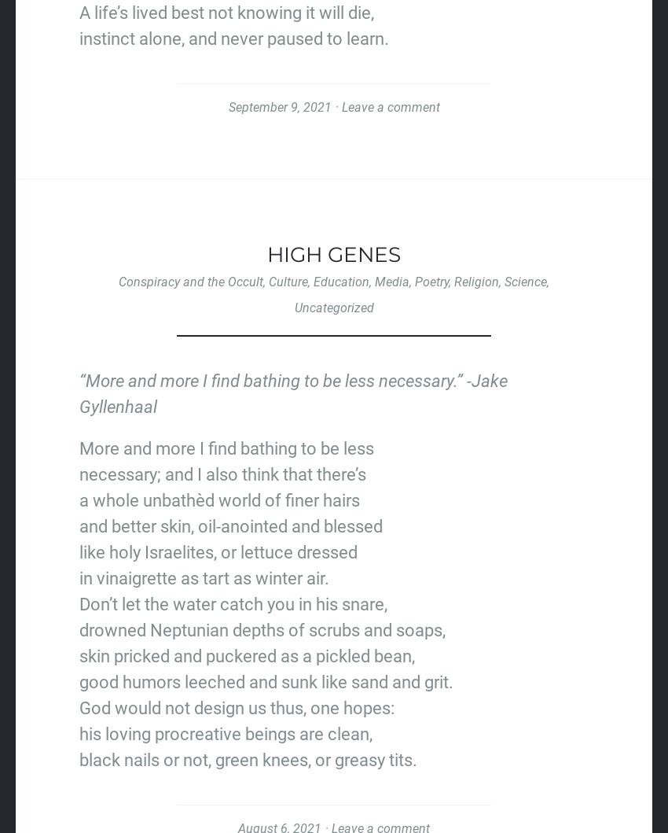 The height and width of the screenshot is (833, 668). What do you see at coordinates (475, 281) in the screenshot?
I see `'Religion'` at bounding box center [475, 281].